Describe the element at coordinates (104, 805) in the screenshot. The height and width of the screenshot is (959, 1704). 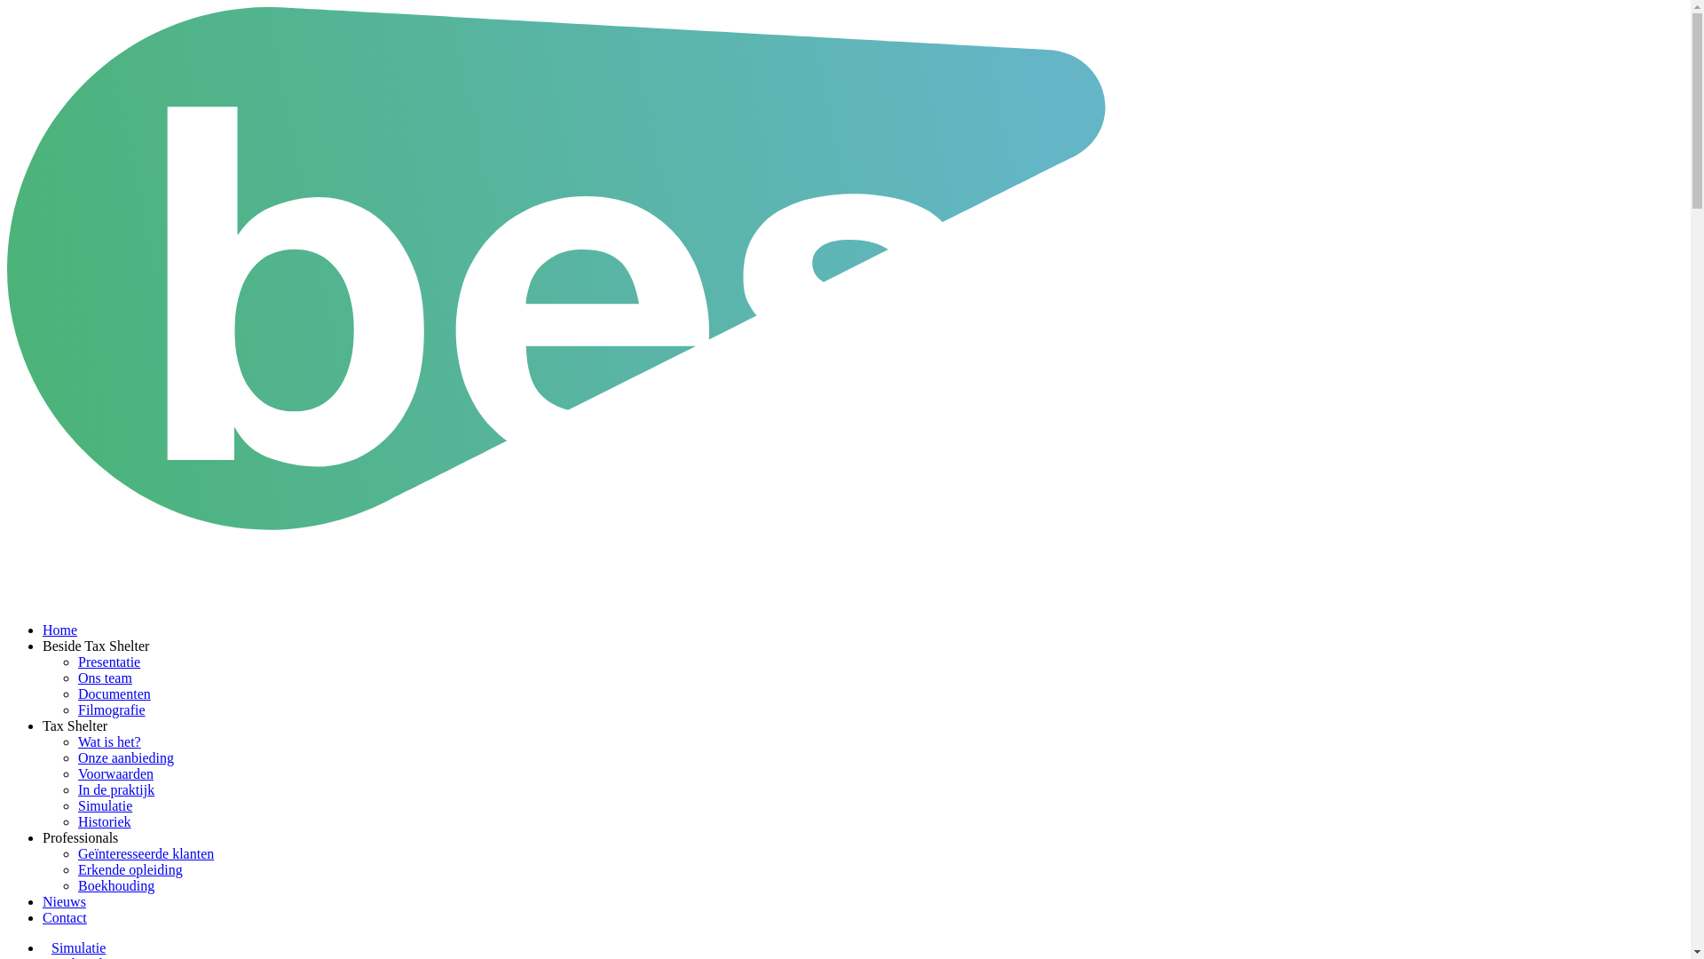
I see `'Simulatie'` at that location.